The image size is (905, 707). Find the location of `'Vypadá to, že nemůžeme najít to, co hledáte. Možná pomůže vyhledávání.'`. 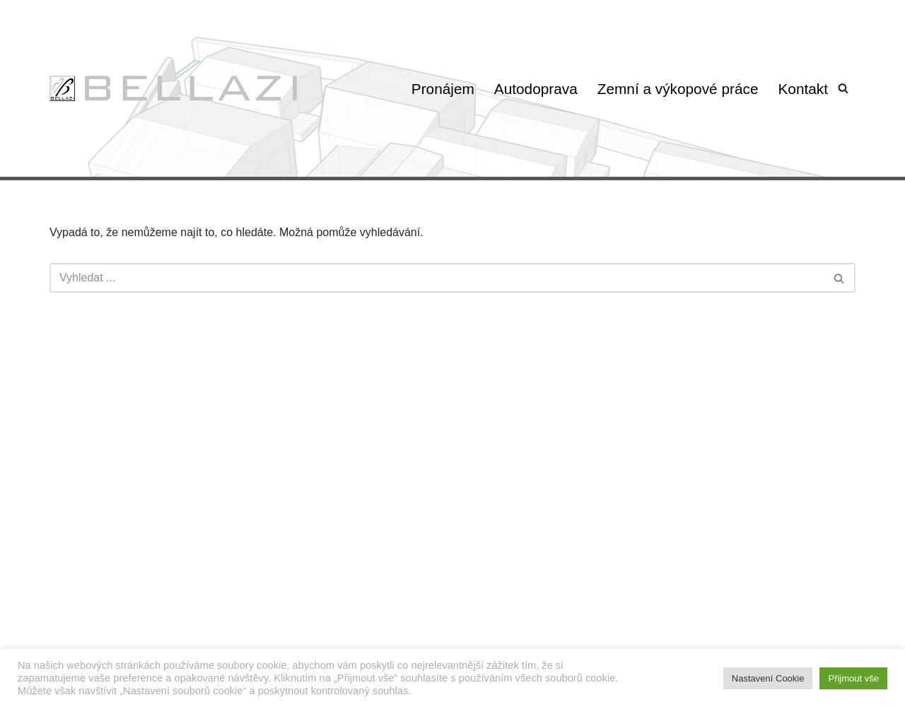

'Vypadá to, že nemůžeme najít to, co hledáte. Možná pomůže vyhledávání.' is located at coordinates (235, 231).